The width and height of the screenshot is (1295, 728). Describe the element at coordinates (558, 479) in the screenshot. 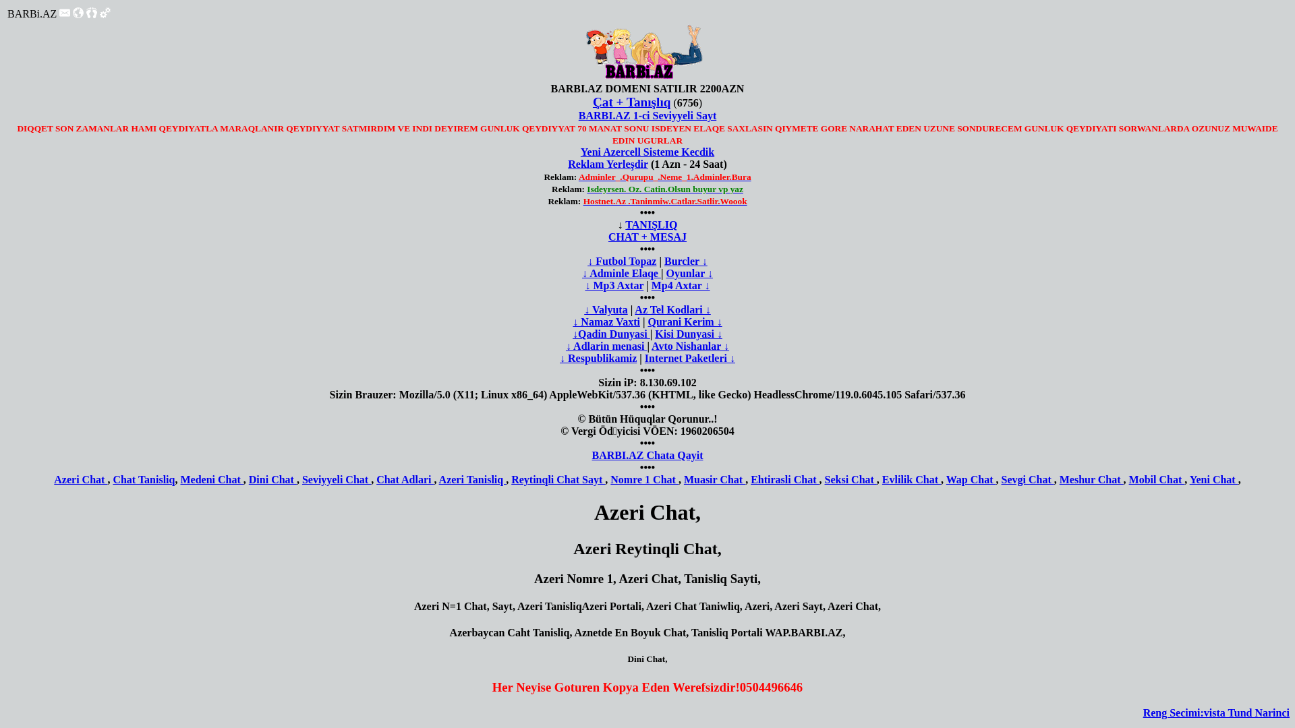

I see `'Reytinqli Chat Sayt'` at that location.